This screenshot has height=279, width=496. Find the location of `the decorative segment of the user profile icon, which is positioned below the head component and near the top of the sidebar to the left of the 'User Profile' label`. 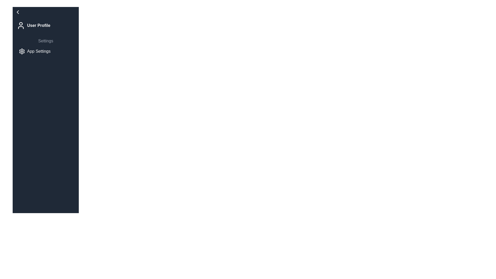

the decorative segment of the user profile icon, which is positioned below the head component and near the top of the sidebar to the left of the 'User Profile' label is located at coordinates (21, 28).